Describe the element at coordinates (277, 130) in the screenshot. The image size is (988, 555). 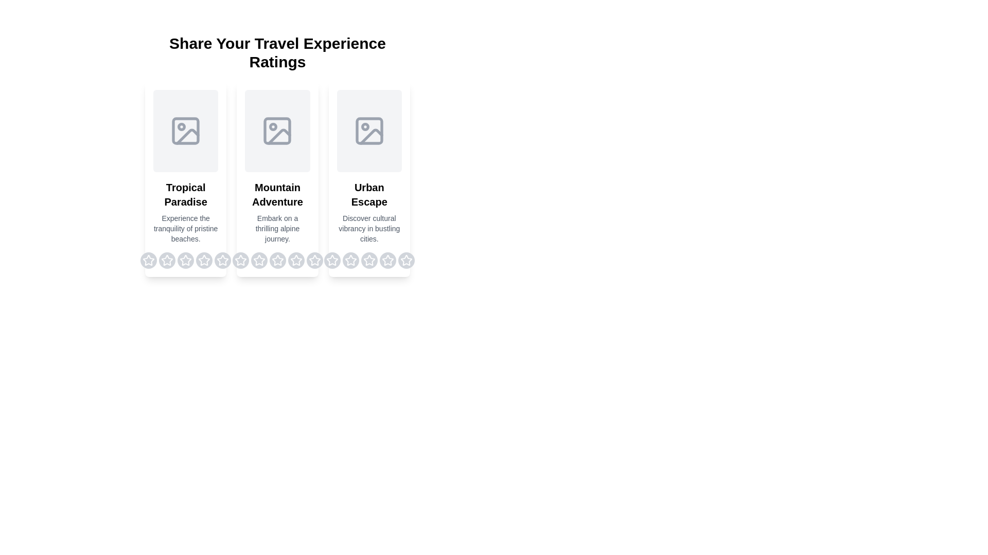
I see `the placeholder image for the destination Mountain Adventure` at that location.